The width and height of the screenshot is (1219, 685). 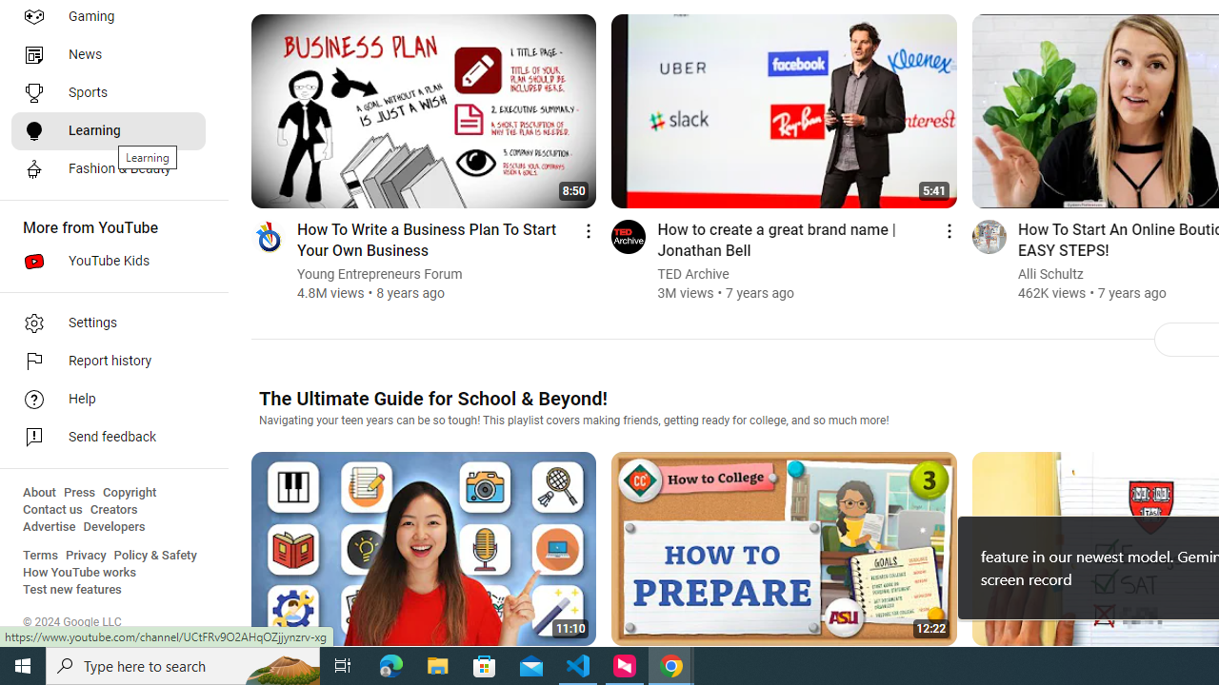 What do you see at coordinates (107, 438) in the screenshot?
I see `'Send feedback'` at bounding box center [107, 438].